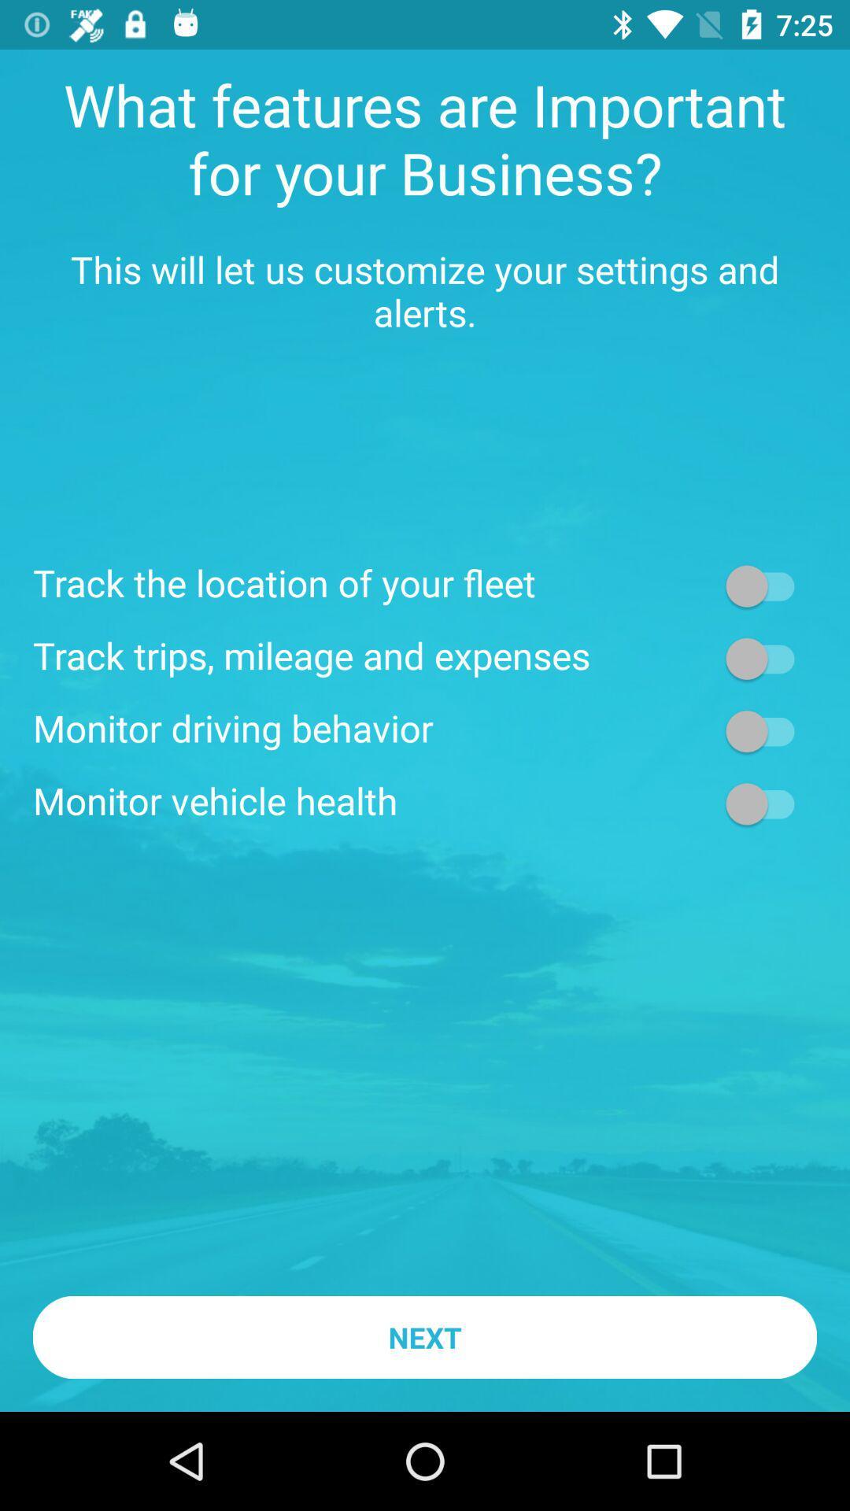  I want to click on click the next page, so click(767, 658).